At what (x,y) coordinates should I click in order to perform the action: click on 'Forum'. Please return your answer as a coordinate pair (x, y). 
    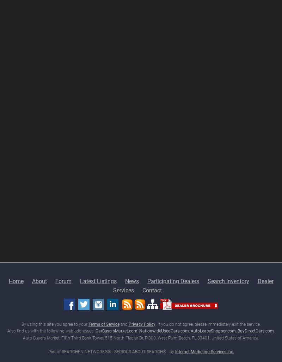
    Looking at the image, I should click on (63, 281).